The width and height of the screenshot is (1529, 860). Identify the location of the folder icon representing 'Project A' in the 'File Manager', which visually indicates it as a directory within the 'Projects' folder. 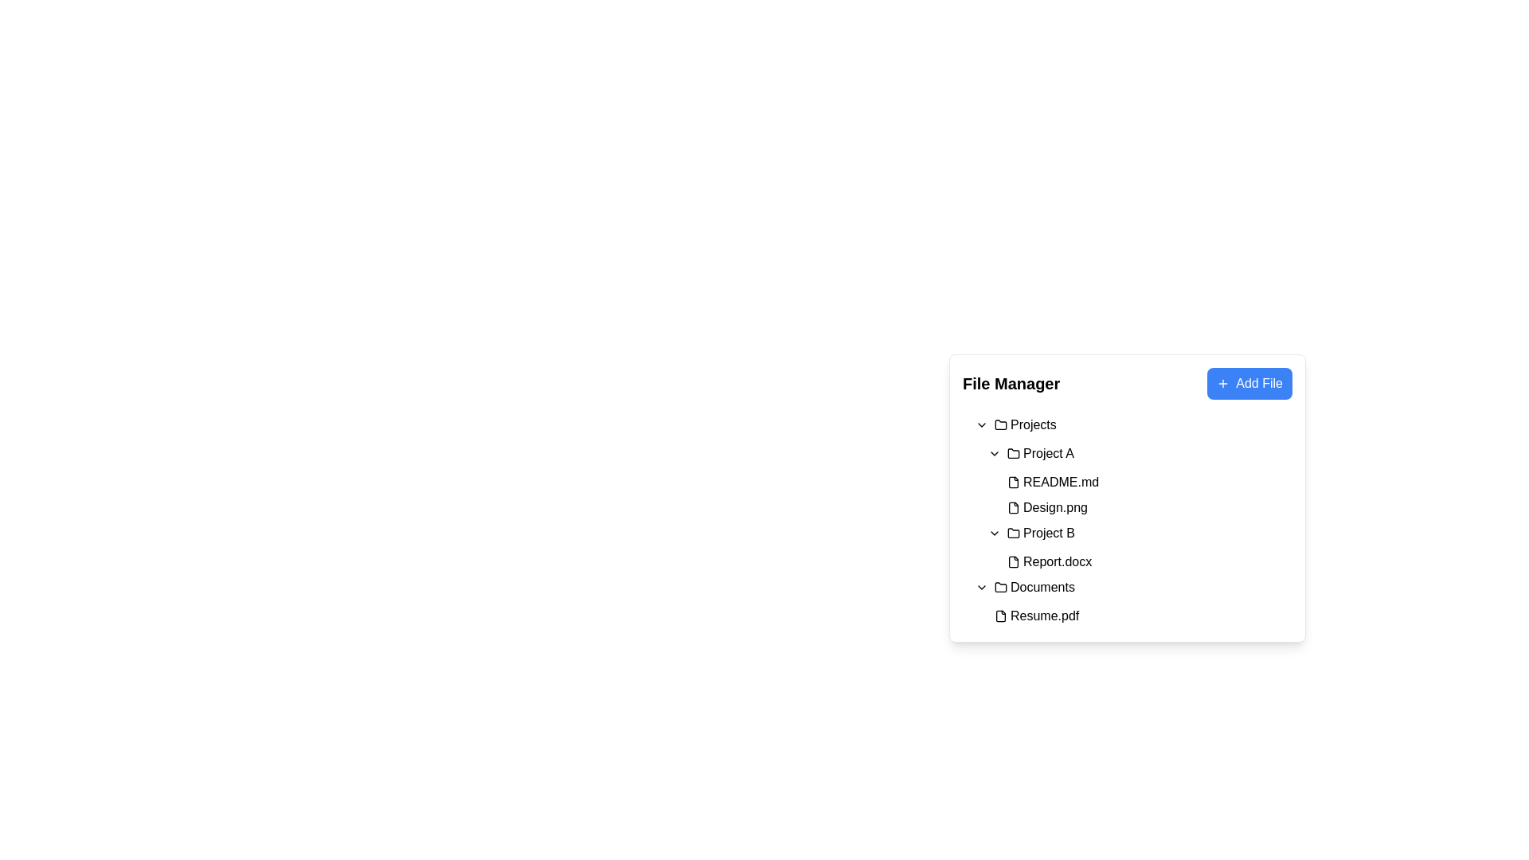
(1012, 453).